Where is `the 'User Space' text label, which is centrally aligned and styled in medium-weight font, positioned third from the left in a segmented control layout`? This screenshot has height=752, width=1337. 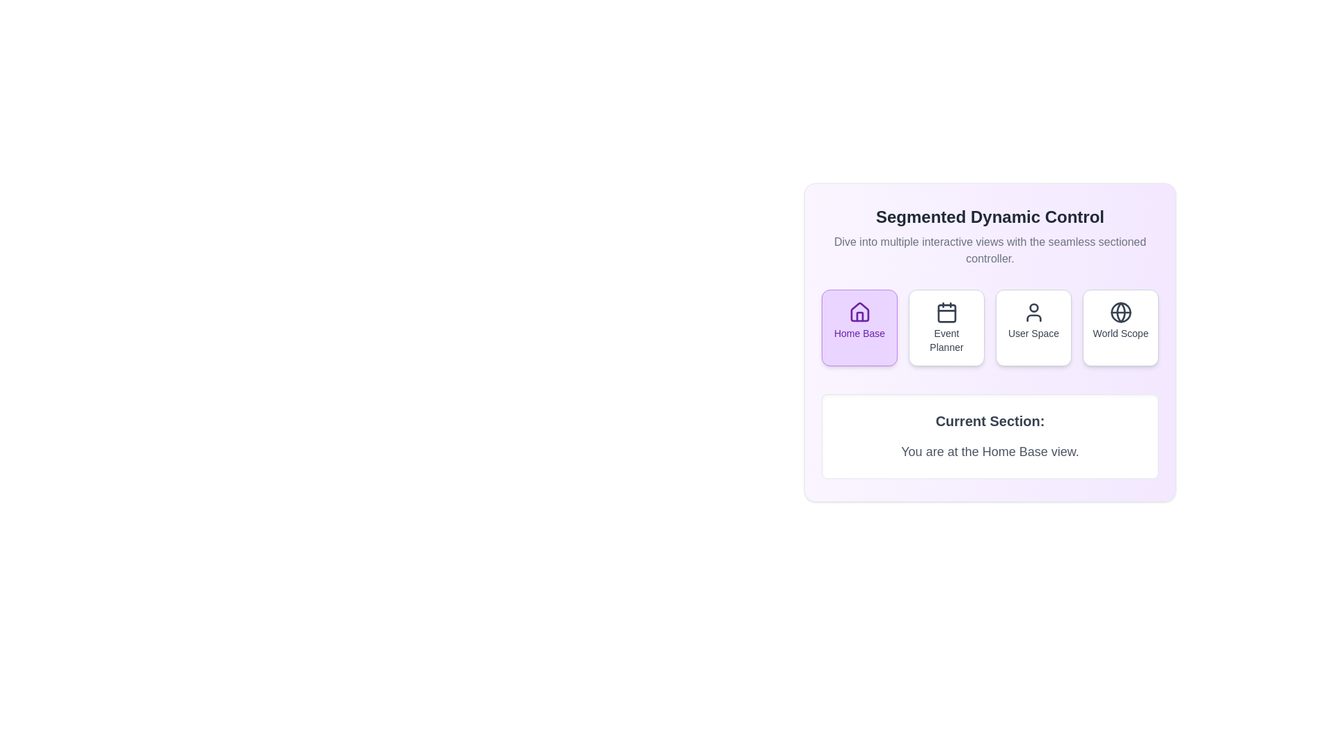
the 'User Space' text label, which is centrally aligned and styled in medium-weight font, positioned third from the left in a segmented control layout is located at coordinates (1033, 333).